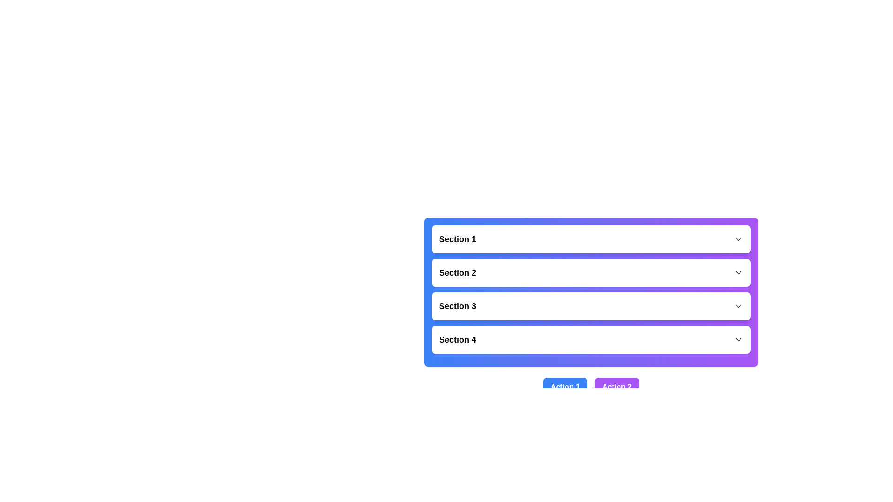 This screenshot has width=893, height=502. Describe the element at coordinates (457, 340) in the screenshot. I see `the Text Label that identifies the fourth section of the collapsible dropdown menu, located near the bottom of the interface` at that location.